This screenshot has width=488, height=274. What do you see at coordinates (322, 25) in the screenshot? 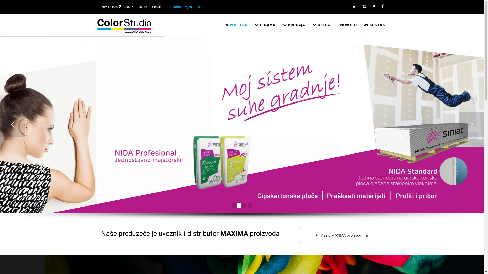
I see `'USLUGE'` at bounding box center [322, 25].